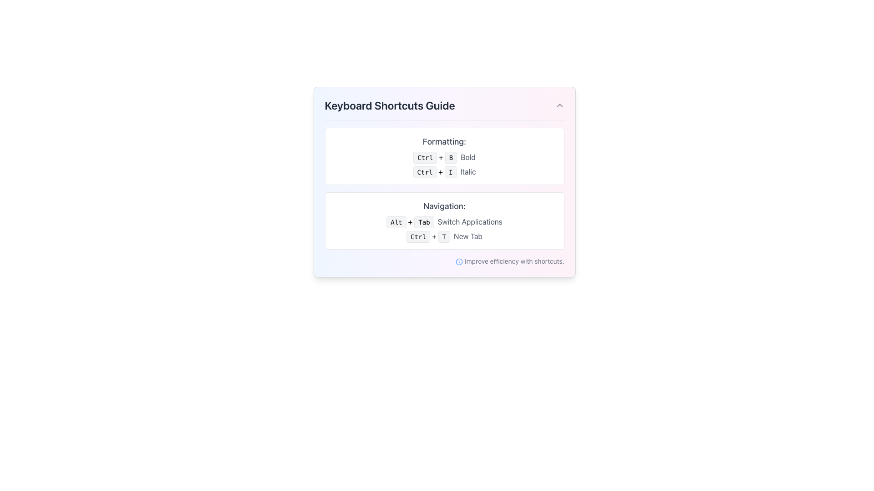  I want to click on the text label displaying 'Bold', which is styled in light gray and is the last component in the 'Ctrl+B Bold' keyboard shortcut explanation, so click(468, 157).